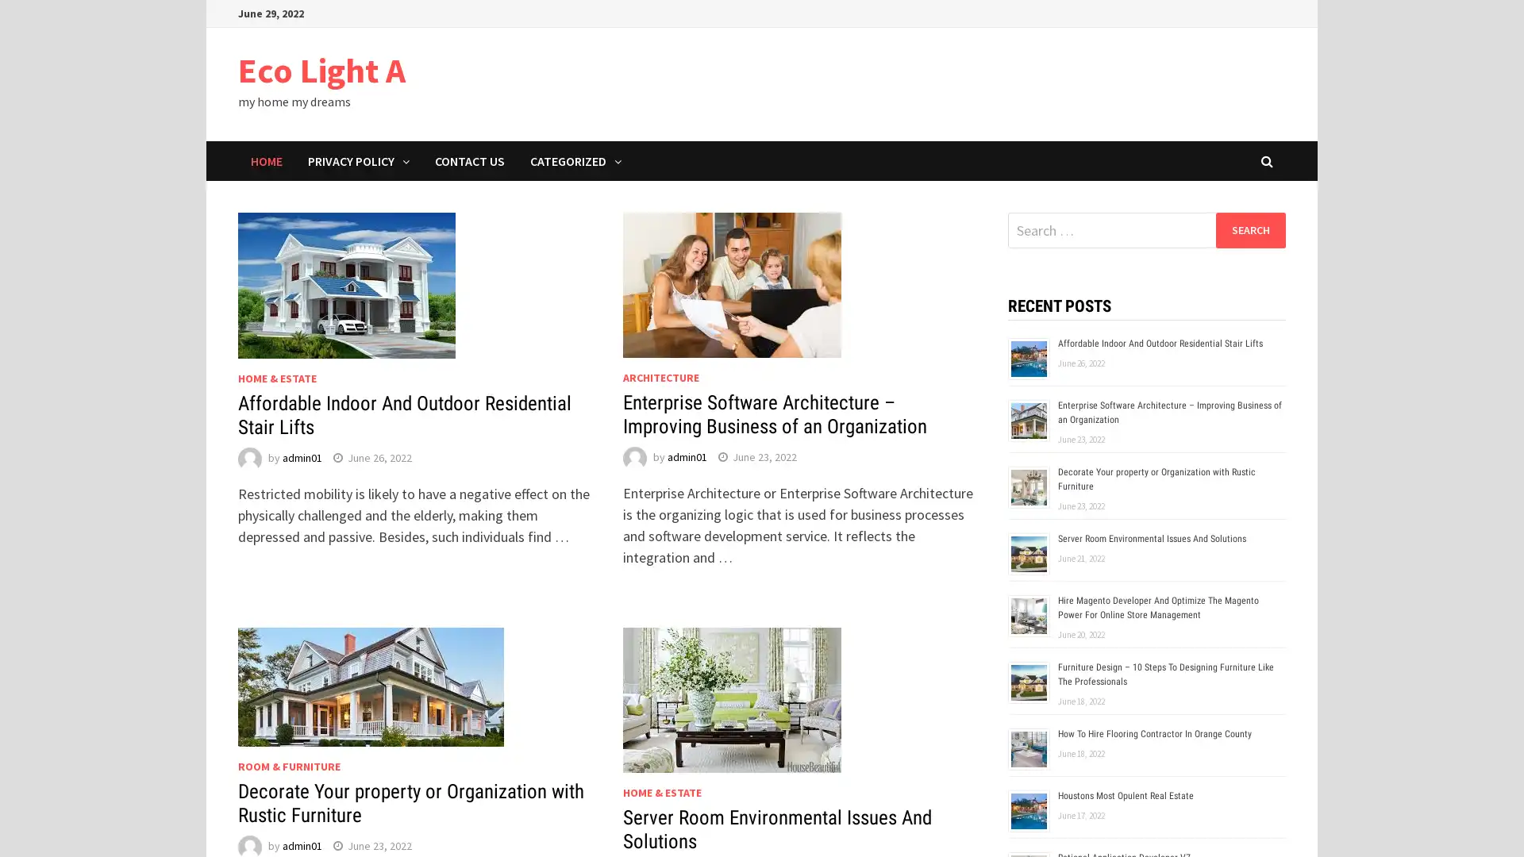 This screenshot has height=857, width=1524. Describe the element at coordinates (1249, 229) in the screenshot. I see `Search` at that location.